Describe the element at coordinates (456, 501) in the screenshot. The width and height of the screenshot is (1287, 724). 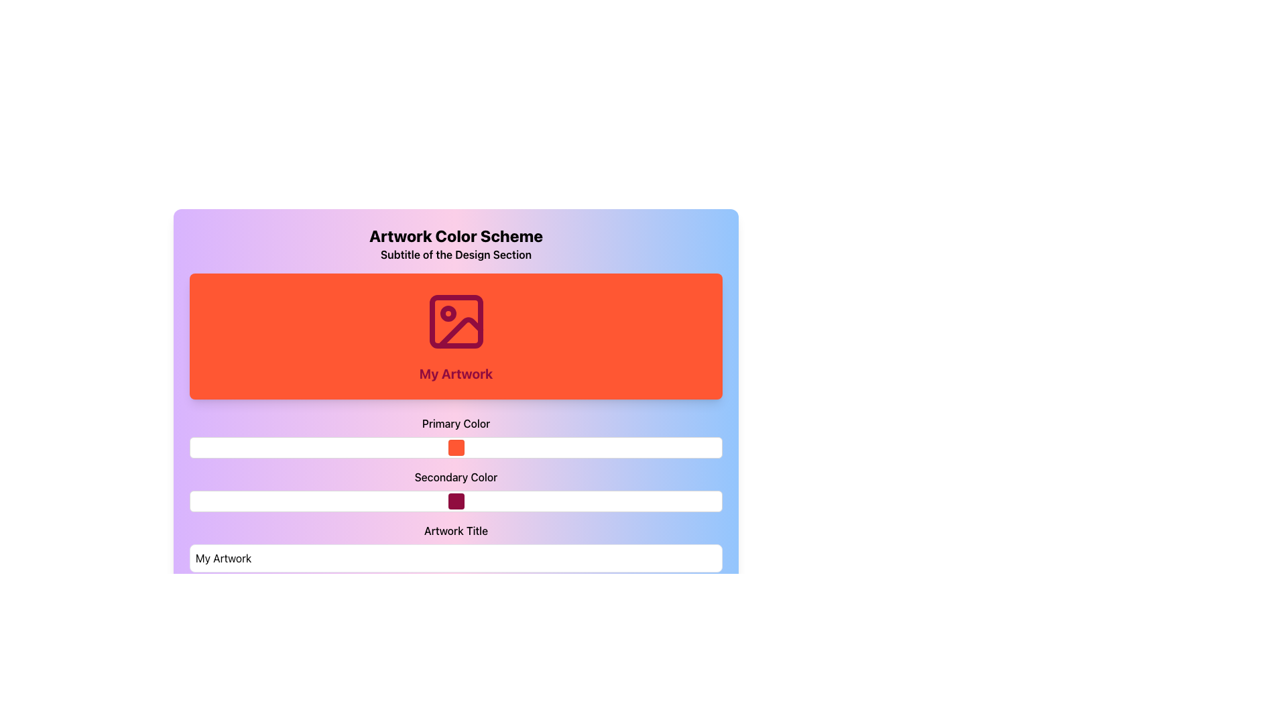
I see `the deep maroon color swatch located in the 'Secondary Color' field` at that location.